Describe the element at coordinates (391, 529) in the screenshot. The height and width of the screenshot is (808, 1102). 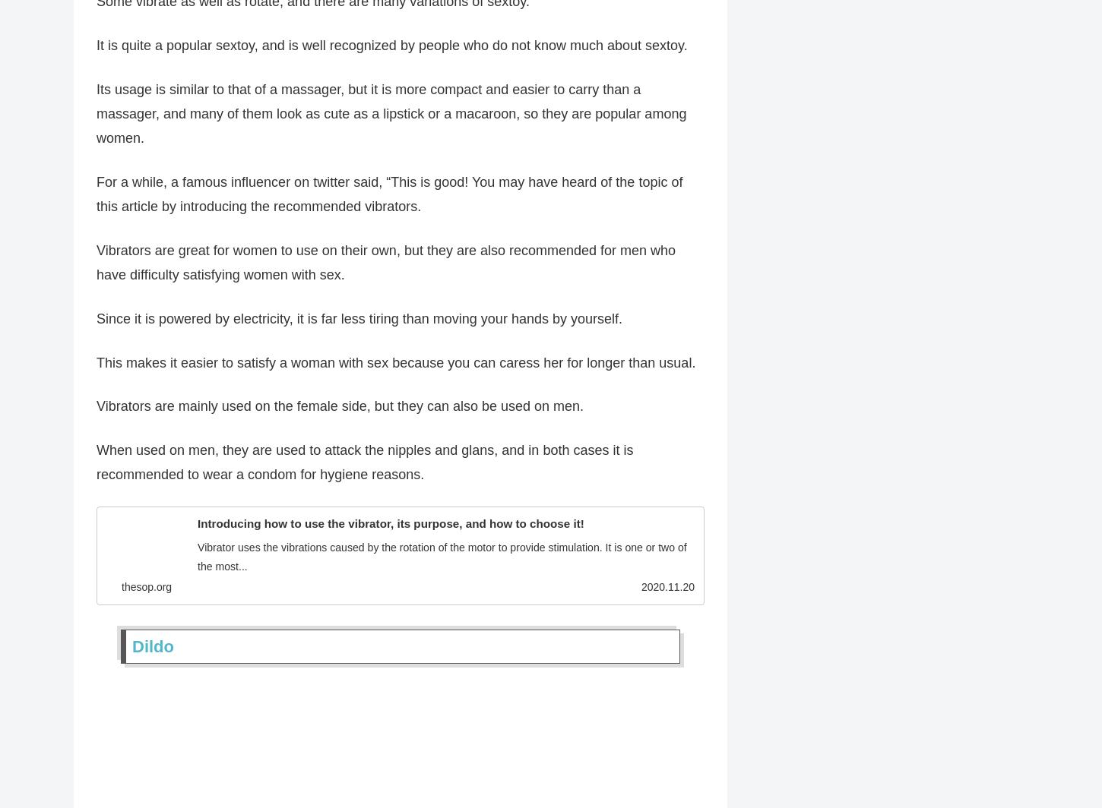
I see `'Introducing how to use the vibrator, its purpose, and how to choose it!'` at that location.